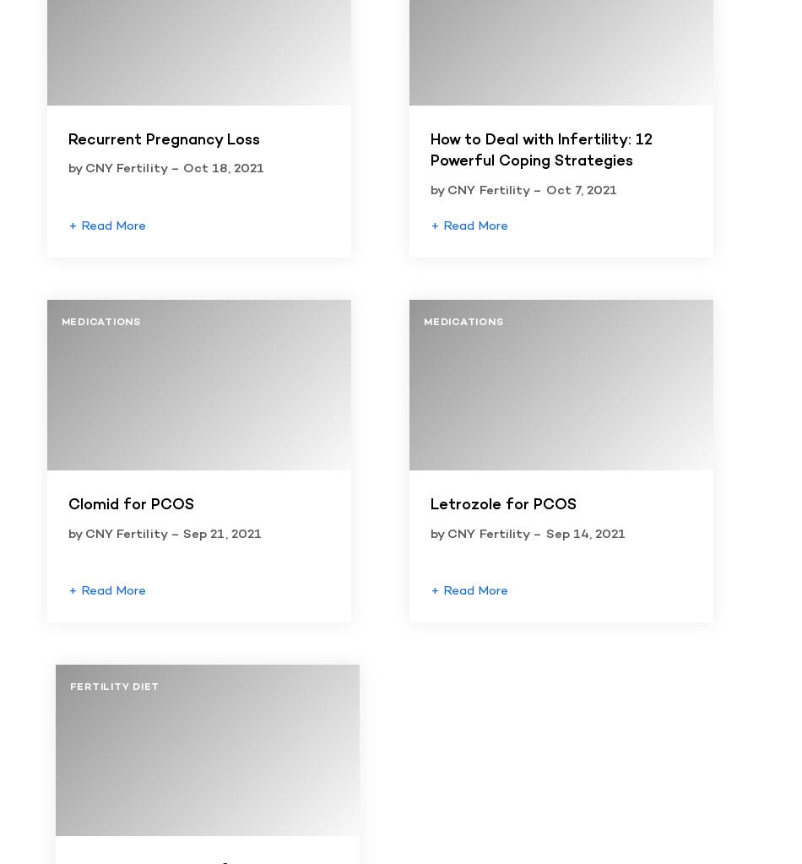 The height and width of the screenshot is (864, 802). Describe the element at coordinates (503, 504) in the screenshot. I see `'Letrozole for PCOS'` at that location.